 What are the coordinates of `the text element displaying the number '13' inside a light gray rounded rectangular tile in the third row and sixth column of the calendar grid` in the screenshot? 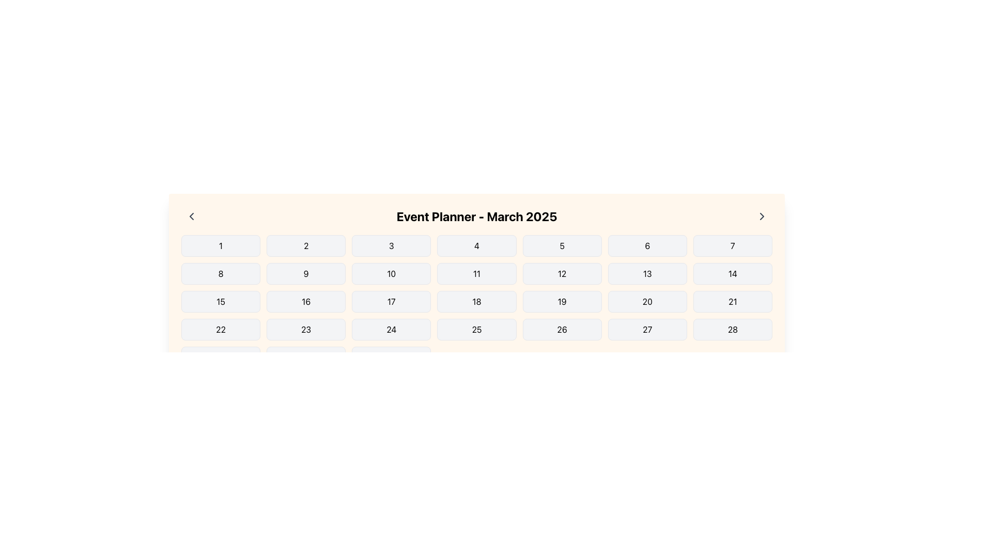 It's located at (647, 273).